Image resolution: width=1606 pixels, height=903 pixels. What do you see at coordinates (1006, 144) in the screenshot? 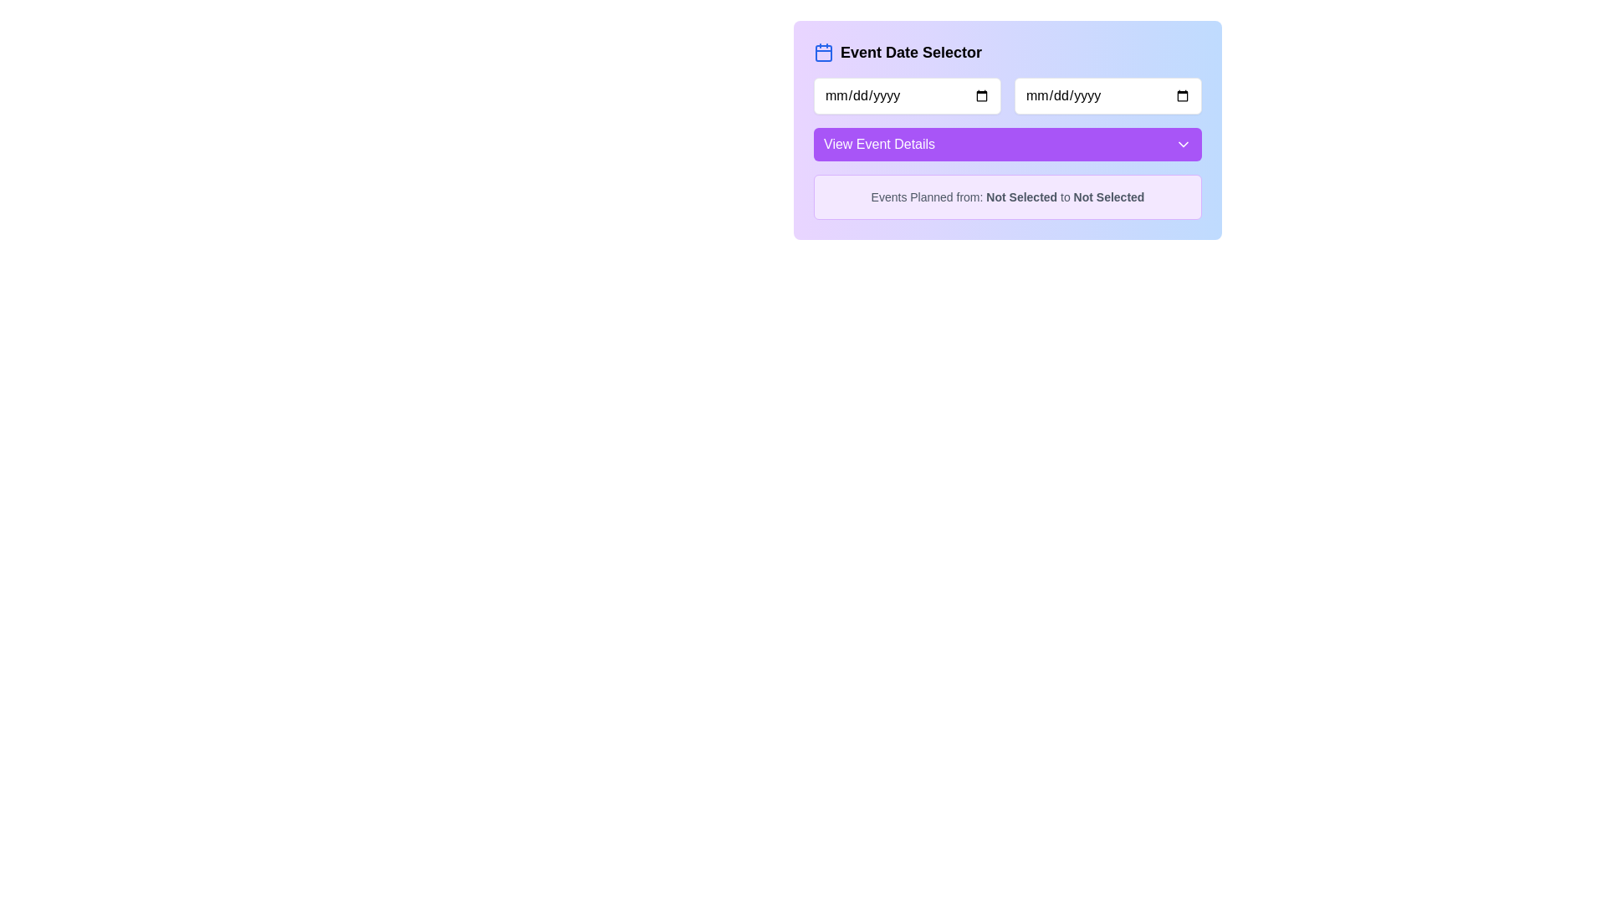
I see `the button located below the 'Start Date' and 'End Date' input fields, which reveals additional event details` at bounding box center [1006, 144].